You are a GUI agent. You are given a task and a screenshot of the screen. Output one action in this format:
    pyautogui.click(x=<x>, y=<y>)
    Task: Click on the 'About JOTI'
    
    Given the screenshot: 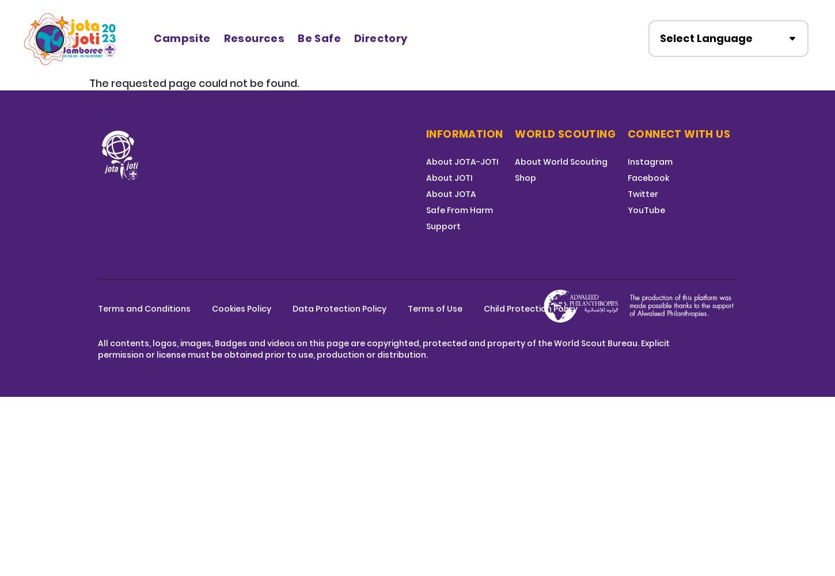 What is the action you would take?
    pyautogui.click(x=426, y=178)
    